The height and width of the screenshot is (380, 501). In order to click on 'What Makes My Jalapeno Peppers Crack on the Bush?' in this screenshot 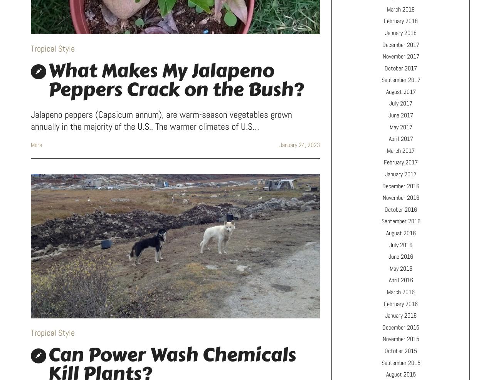, I will do `click(175, 79)`.